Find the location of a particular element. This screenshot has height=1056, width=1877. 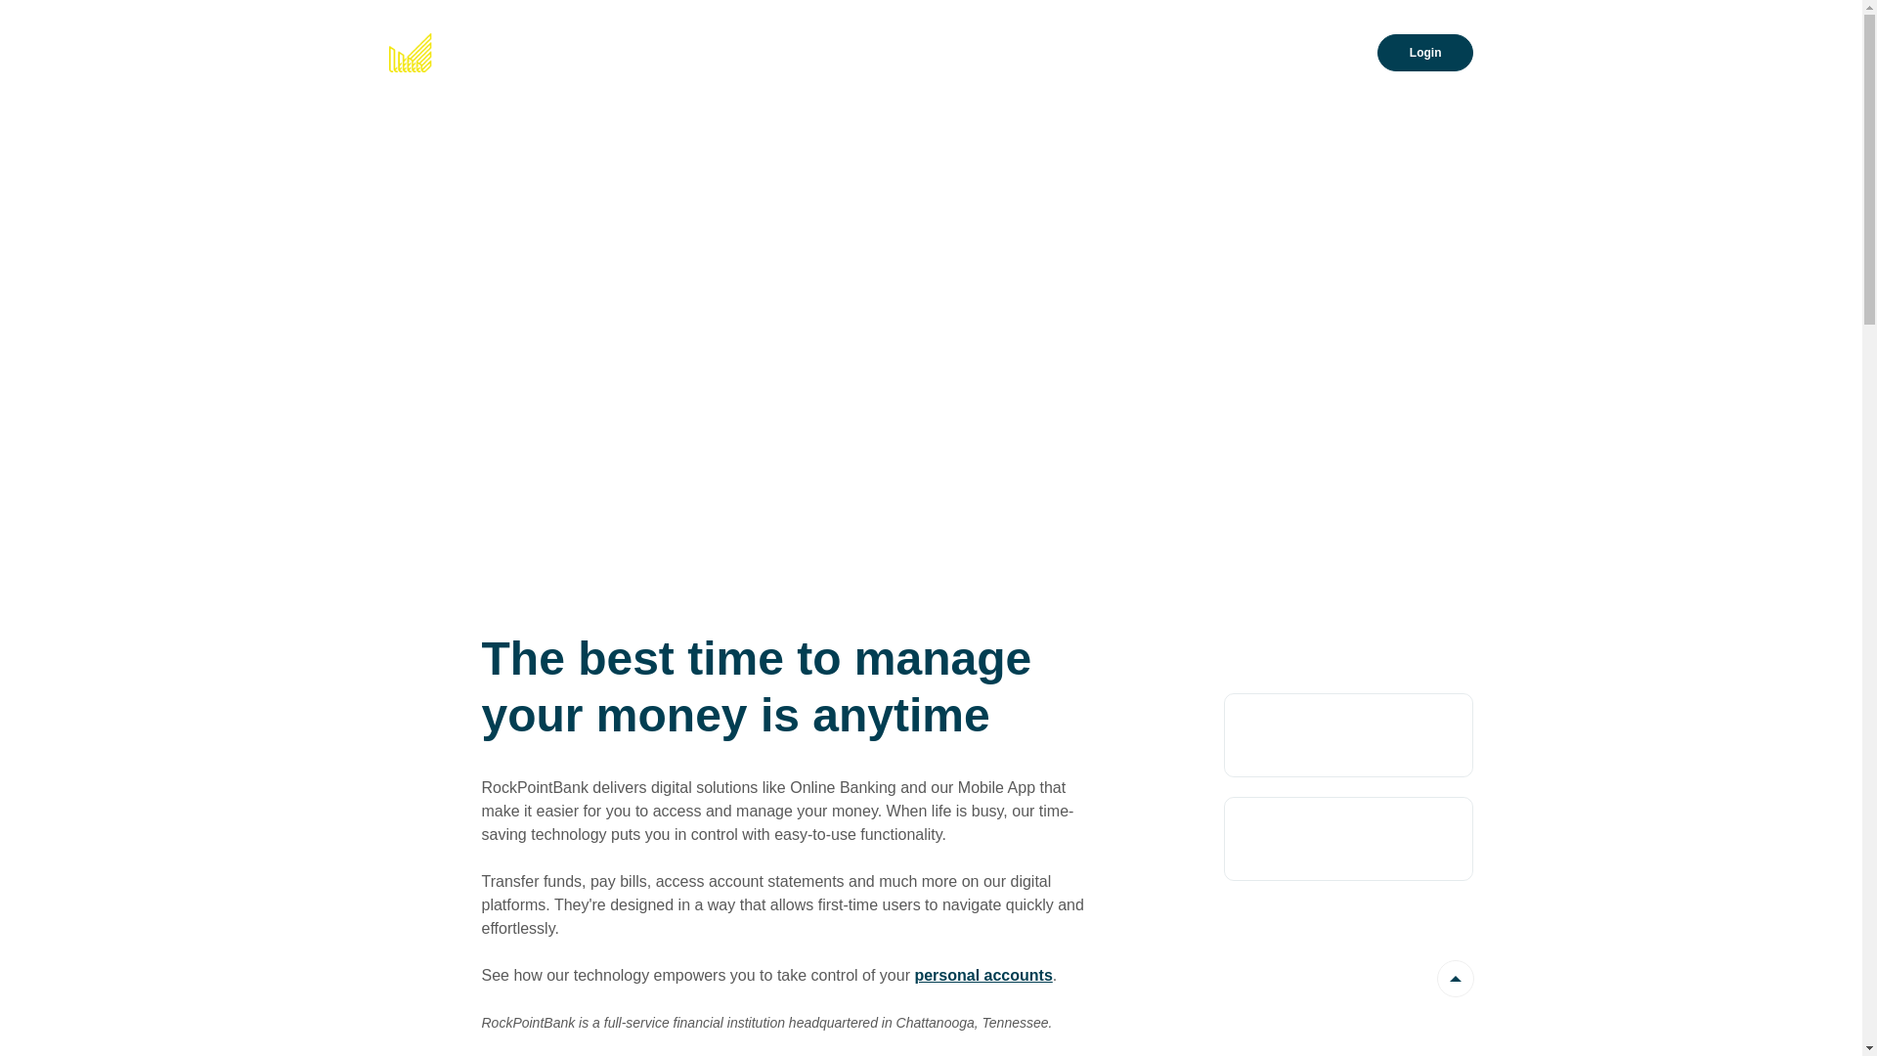

'Login' is located at coordinates (1425, 51).